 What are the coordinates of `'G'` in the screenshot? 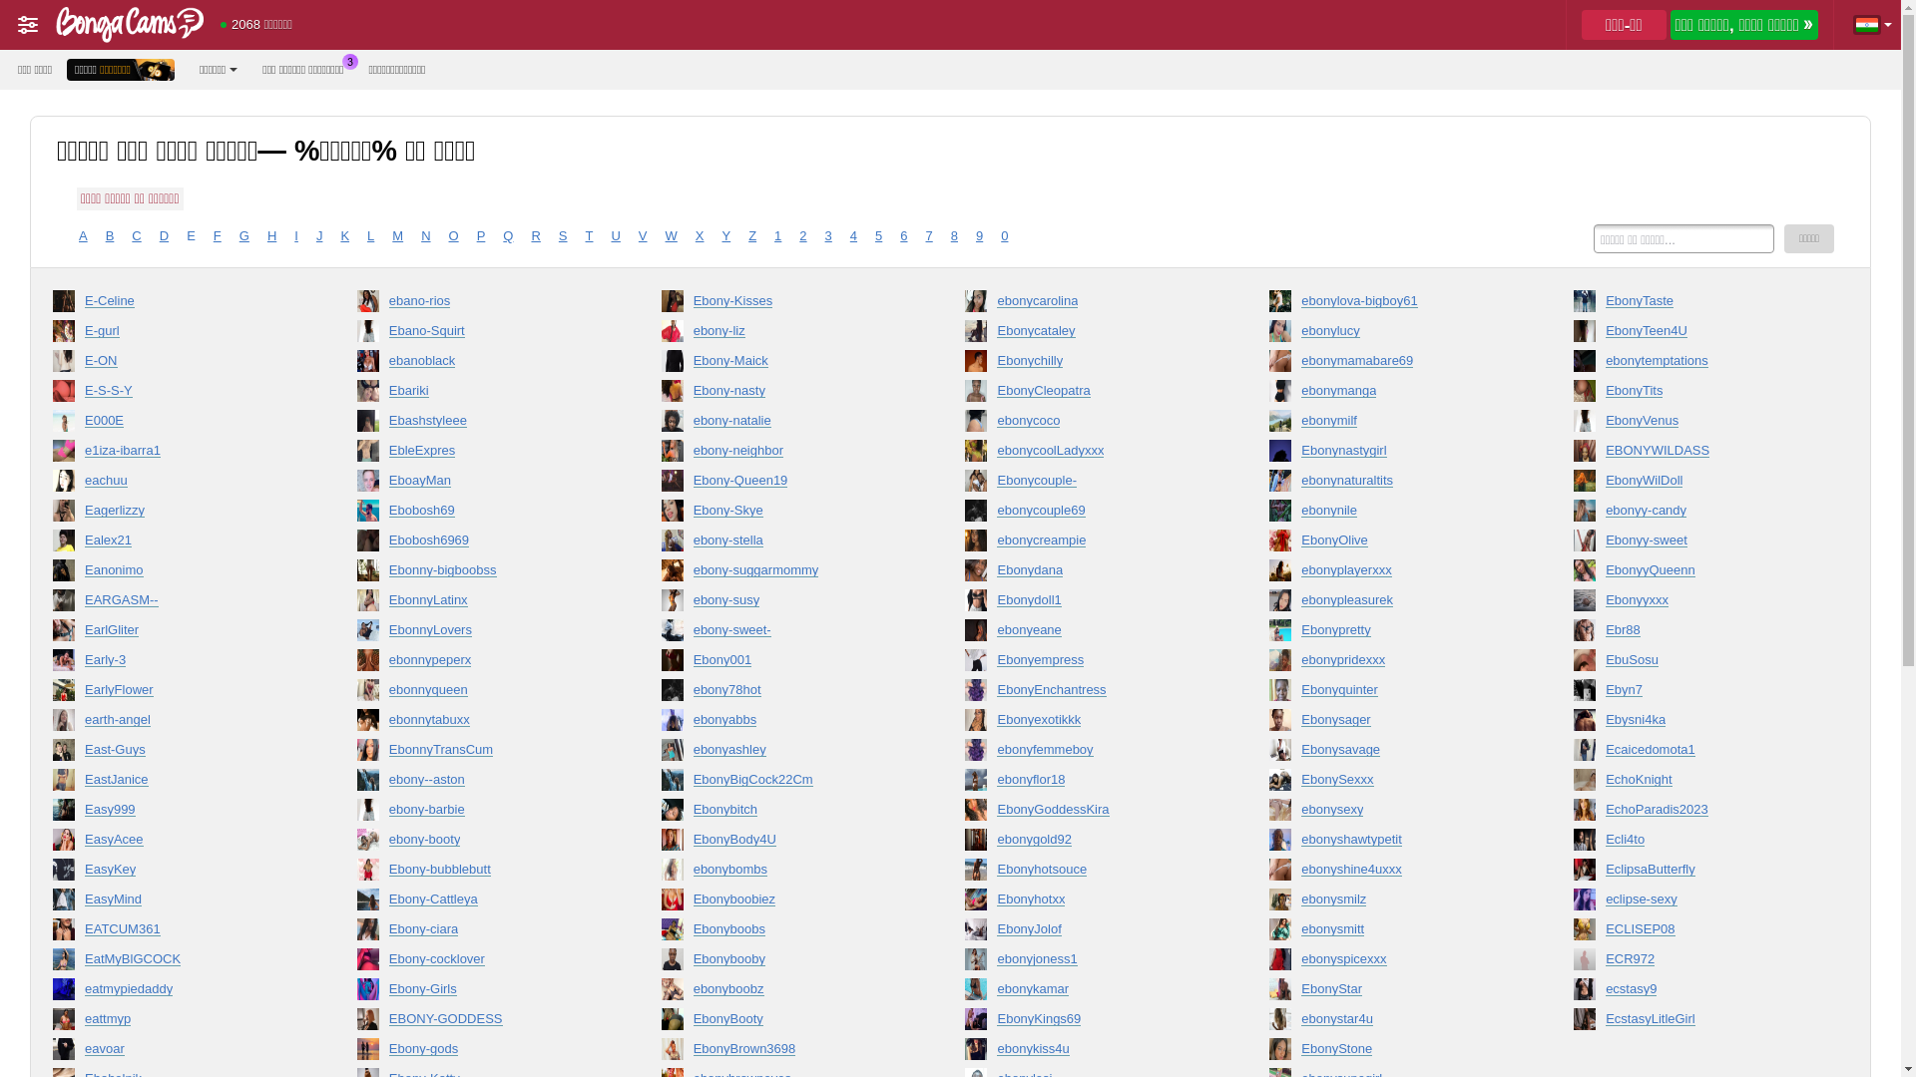 It's located at (242, 234).